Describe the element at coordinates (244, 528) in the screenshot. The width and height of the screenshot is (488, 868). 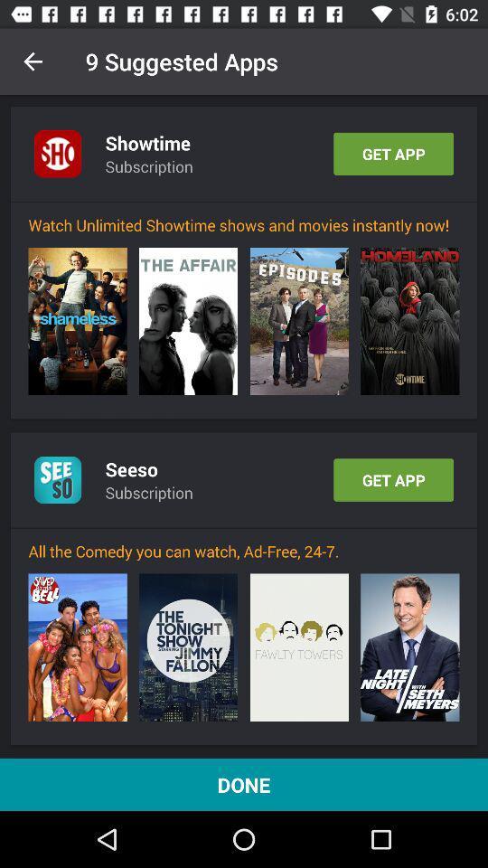
I see `the icon above the all the comedy icon` at that location.